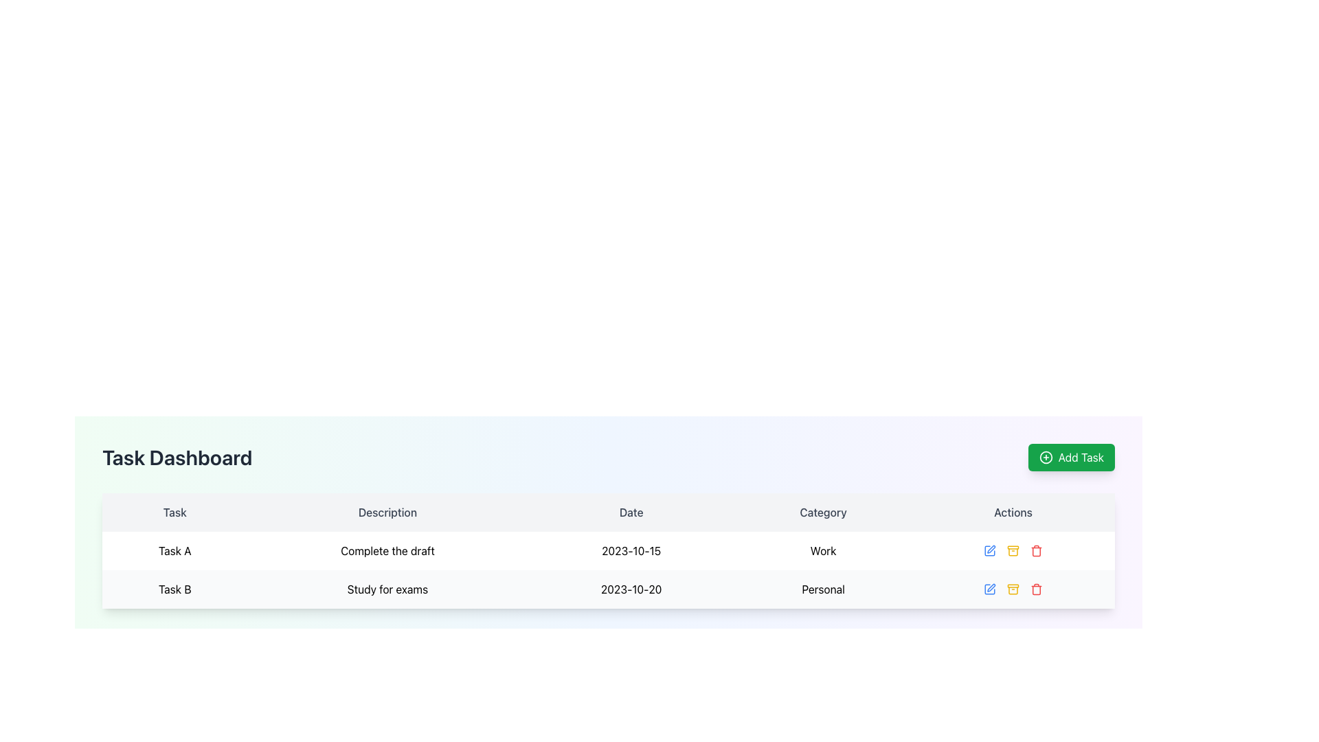  Describe the element at coordinates (1037, 588) in the screenshot. I see `the red trash bin icon representing the delete action in the 'Actions' column for 'Task A'` at that location.